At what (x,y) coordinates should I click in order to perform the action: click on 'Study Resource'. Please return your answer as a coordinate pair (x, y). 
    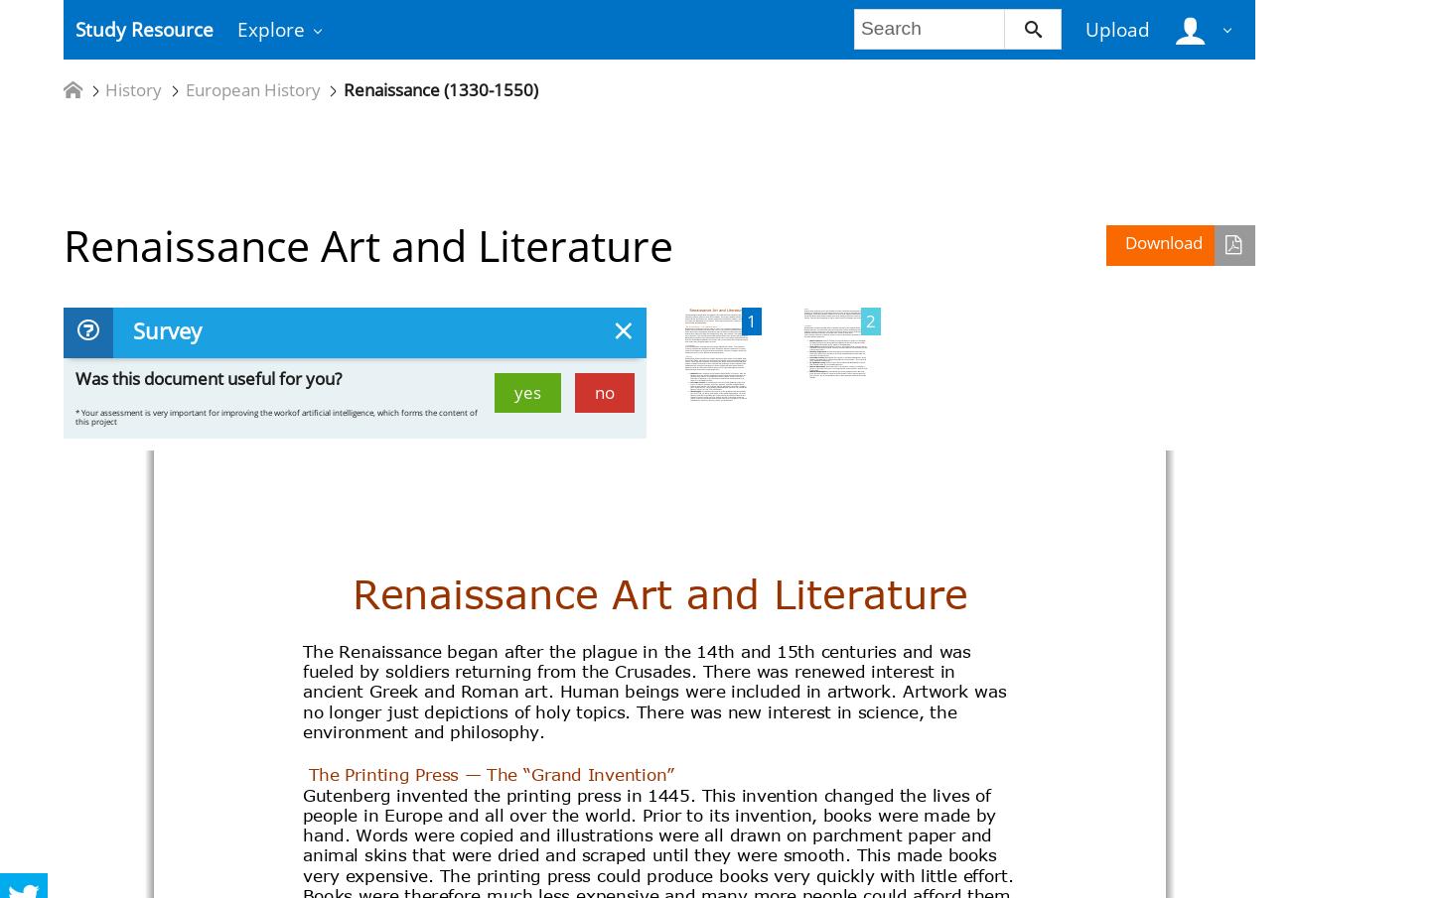
    Looking at the image, I should click on (143, 28).